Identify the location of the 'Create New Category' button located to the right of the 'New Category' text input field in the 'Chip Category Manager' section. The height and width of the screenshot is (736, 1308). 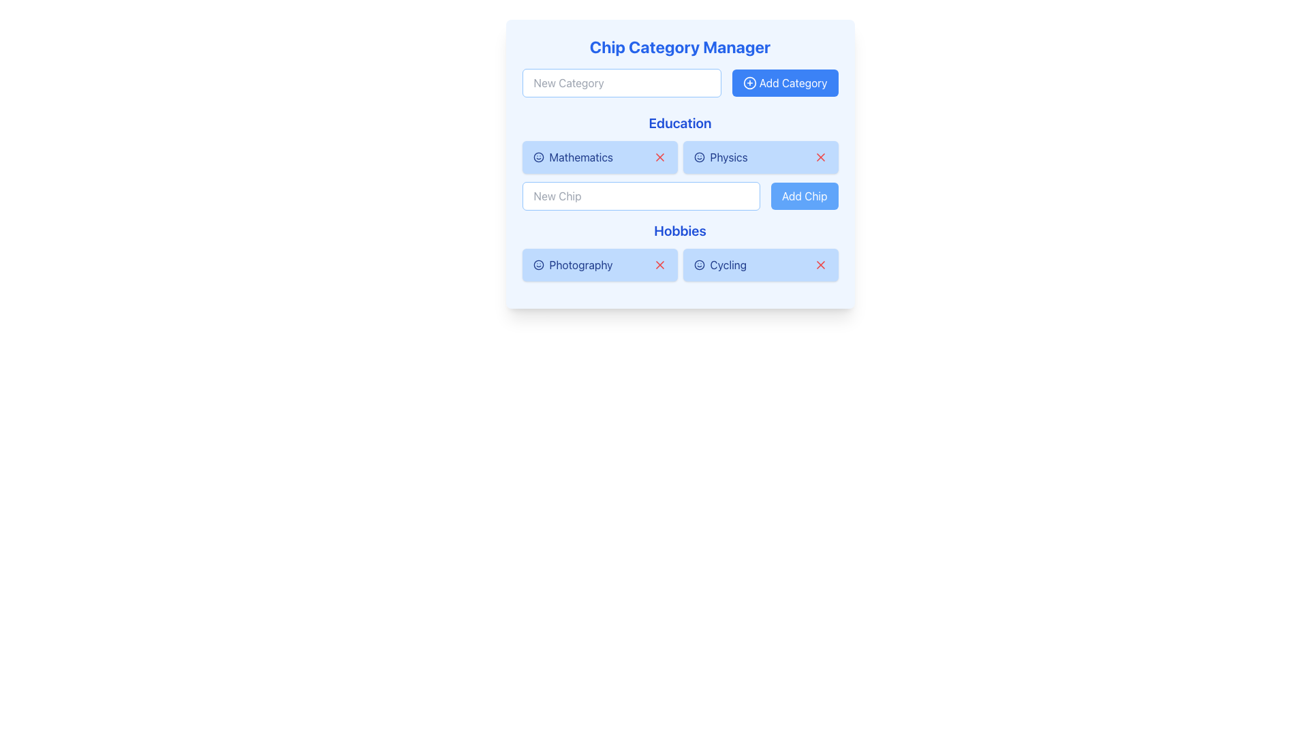
(785, 83).